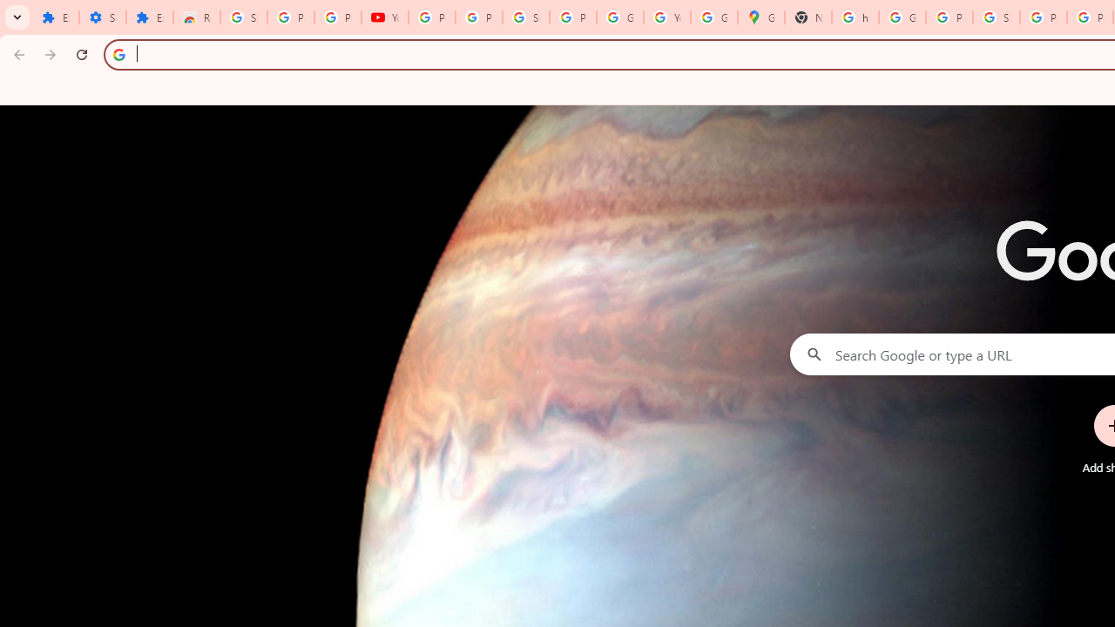 The width and height of the screenshot is (1115, 627). Describe the element at coordinates (383, 17) in the screenshot. I see `'YouTube'` at that location.